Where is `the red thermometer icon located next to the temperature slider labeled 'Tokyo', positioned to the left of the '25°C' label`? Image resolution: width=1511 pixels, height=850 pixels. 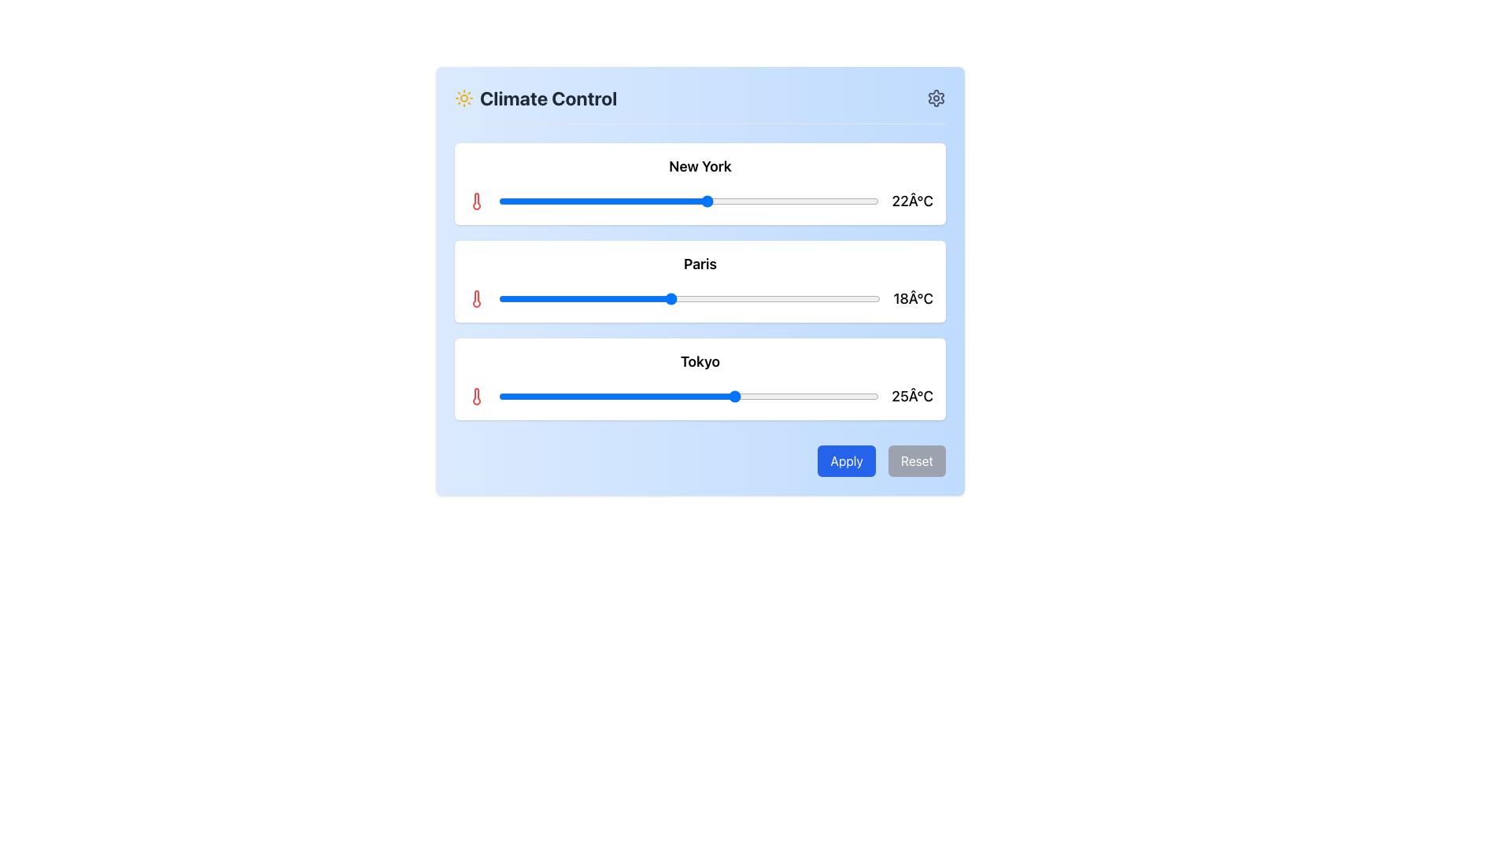 the red thermometer icon located next to the temperature slider labeled 'Tokyo', positioned to the left of the '25°C' label is located at coordinates (475, 396).